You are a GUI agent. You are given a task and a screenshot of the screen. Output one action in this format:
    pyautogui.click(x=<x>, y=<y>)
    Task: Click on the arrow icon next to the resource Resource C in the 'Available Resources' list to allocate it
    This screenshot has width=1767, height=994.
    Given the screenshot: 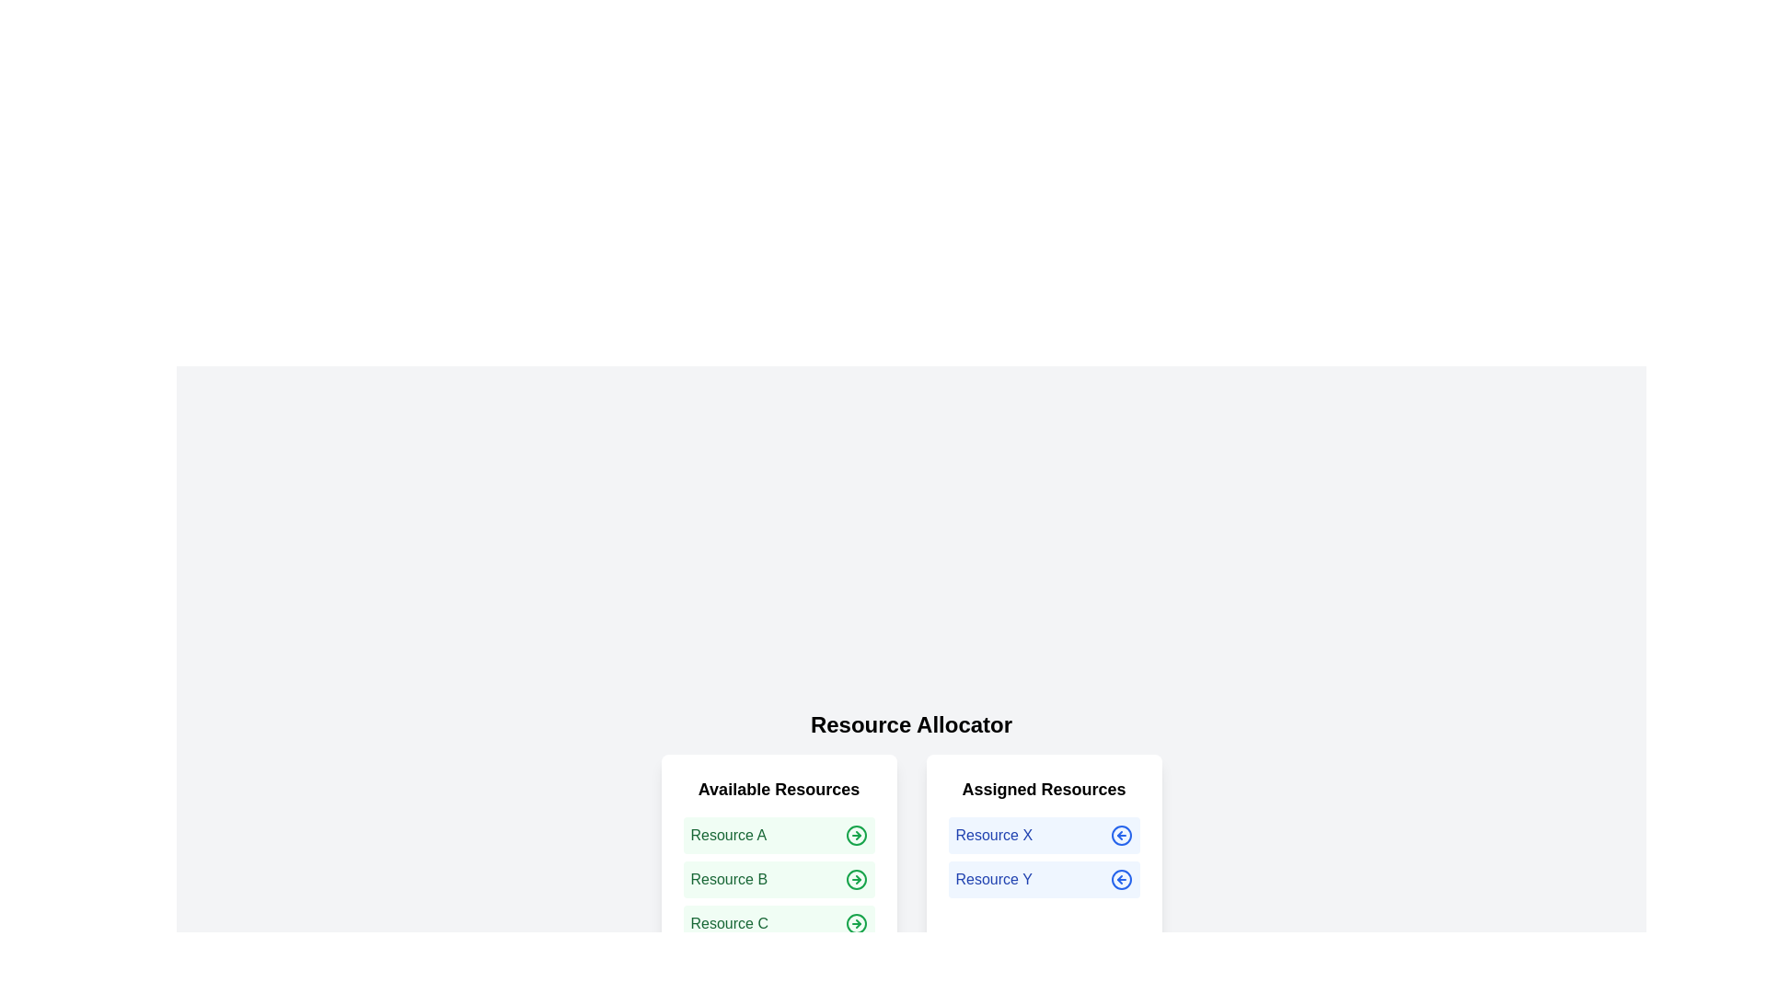 What is the action you would take?
    pyautogui.click(x=855, y=923)
    